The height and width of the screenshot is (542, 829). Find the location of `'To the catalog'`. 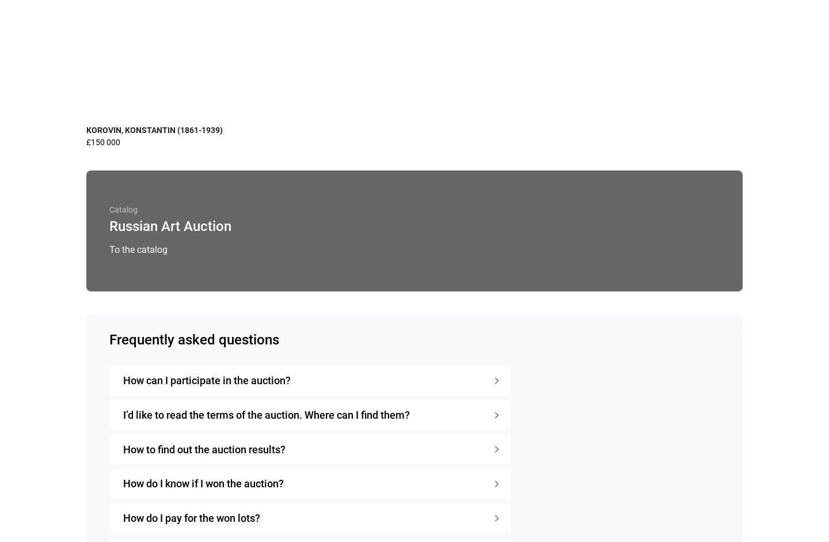

'To the catalog' is located at coordinates (138, 249).